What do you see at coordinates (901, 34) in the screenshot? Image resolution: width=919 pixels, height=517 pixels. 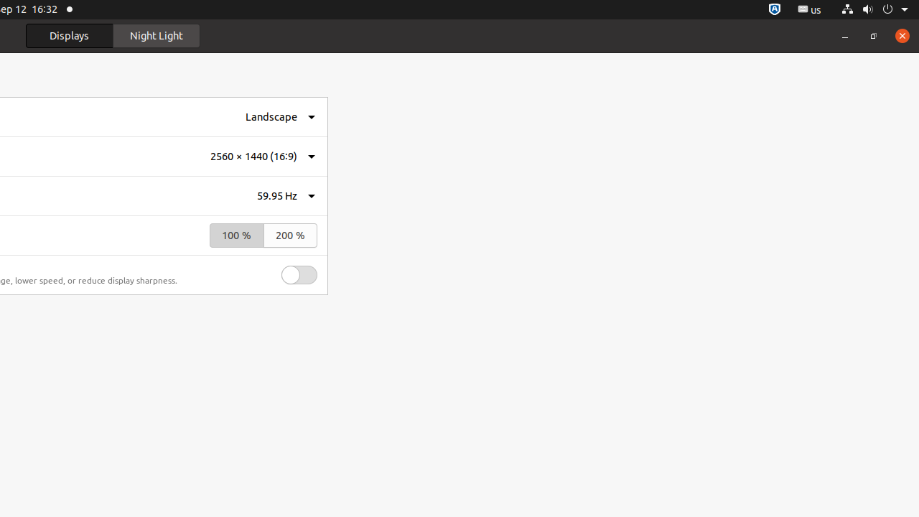 I see `'Close'` at bounding box center [901, 34].